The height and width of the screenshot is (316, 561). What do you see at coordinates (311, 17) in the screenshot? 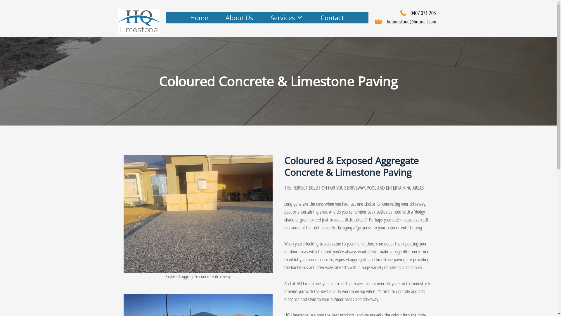
I see `'Contact'` at bounding box center [311, 17].